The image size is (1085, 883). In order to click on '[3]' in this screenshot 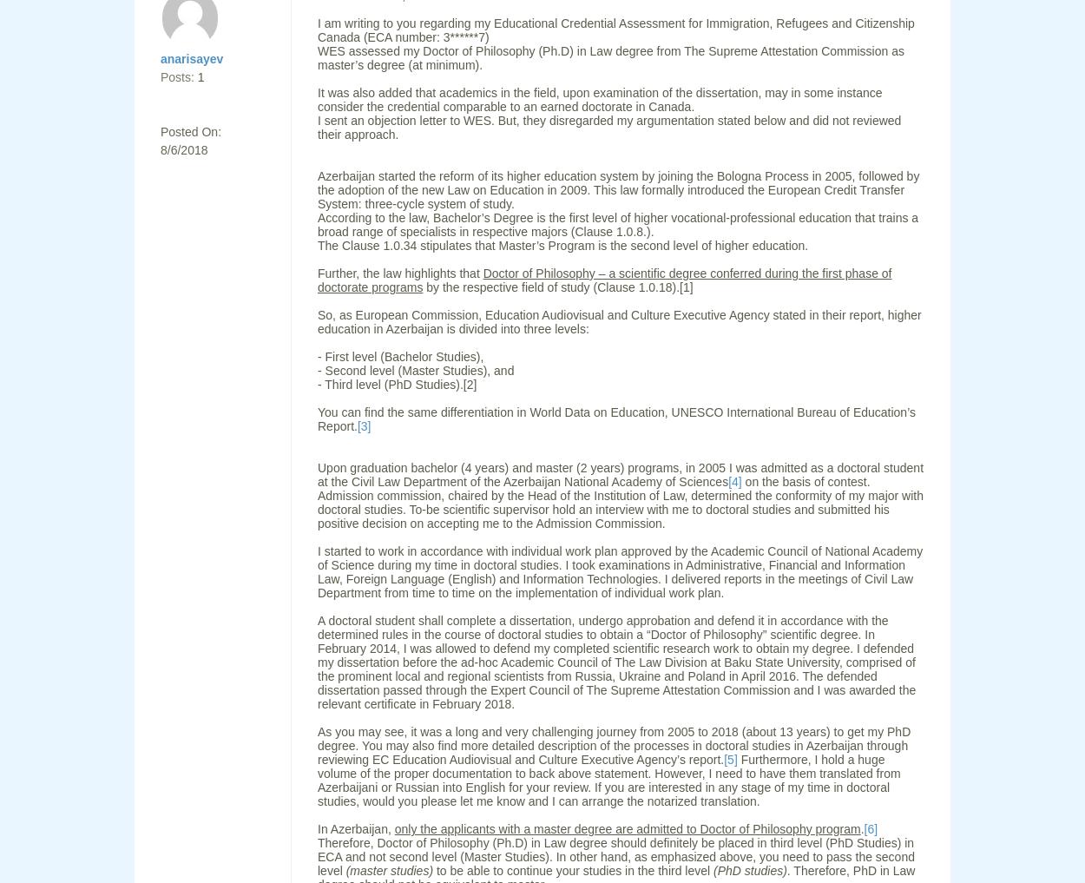, I will do `click(364, 425)`.